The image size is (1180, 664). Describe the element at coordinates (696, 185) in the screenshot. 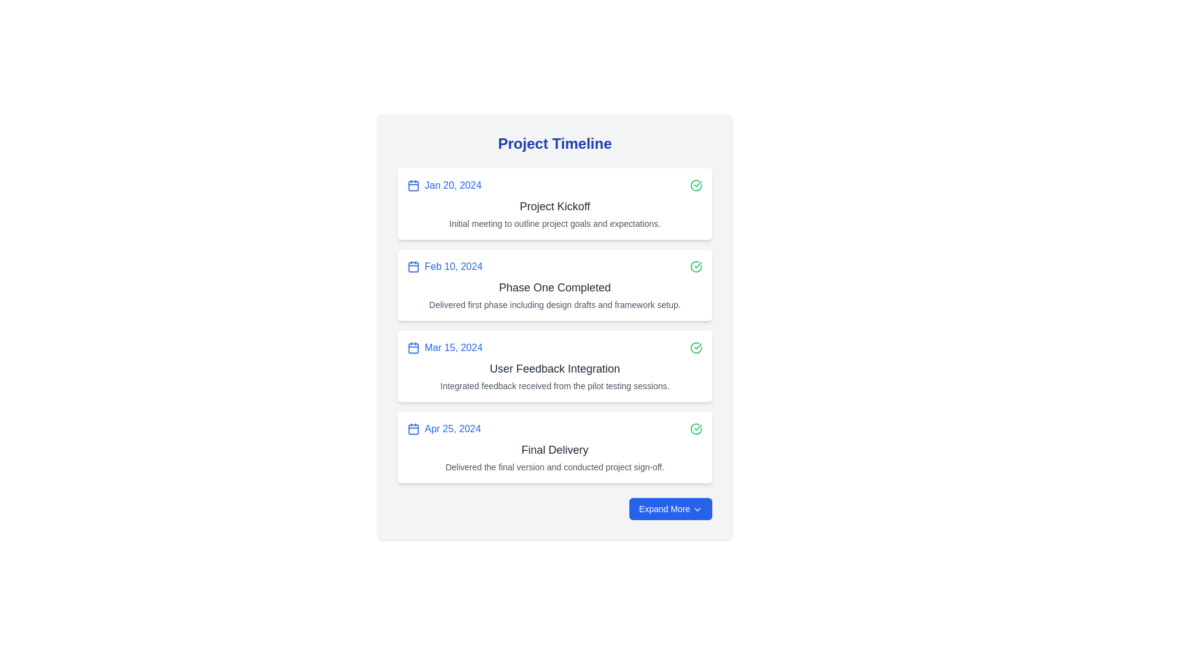

I see `the icon that represents a successful or completed status for the entry dated 'Jan 20, 2024', located at the far right of the corresponding row` at that location.